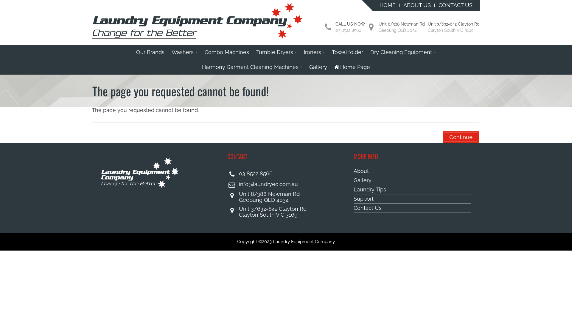  What do you see at coordinates (252, 67) in the screenshot?
I see `'Harmony Garment Cleaning Machines'` at bounding box center [252, 67].